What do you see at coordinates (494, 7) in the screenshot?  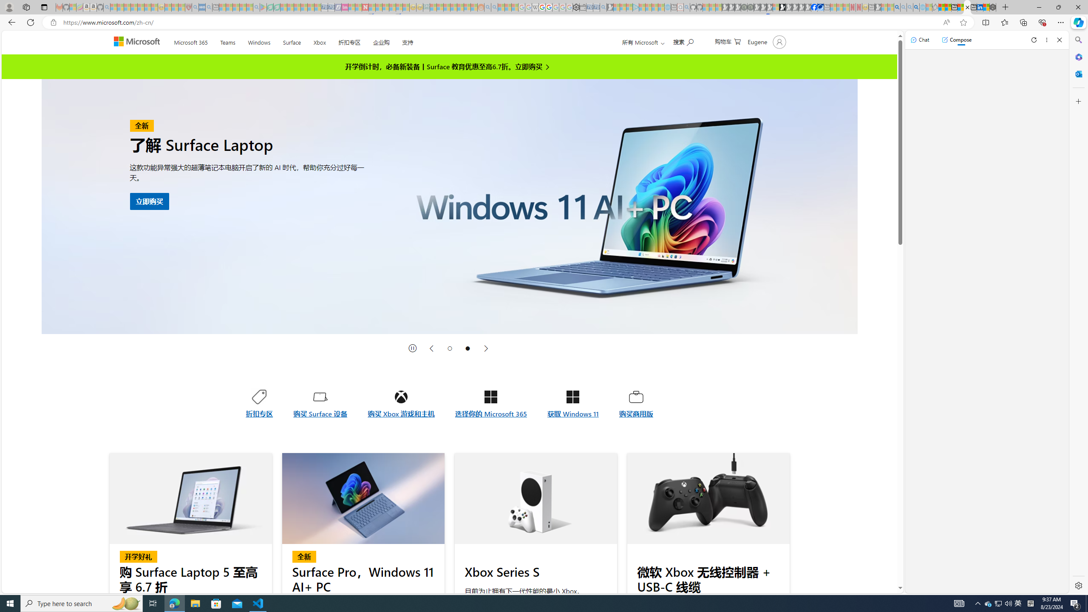 I see `'Utah sues federal government - Search - Sleeping'` at bounding box center [494, 7].